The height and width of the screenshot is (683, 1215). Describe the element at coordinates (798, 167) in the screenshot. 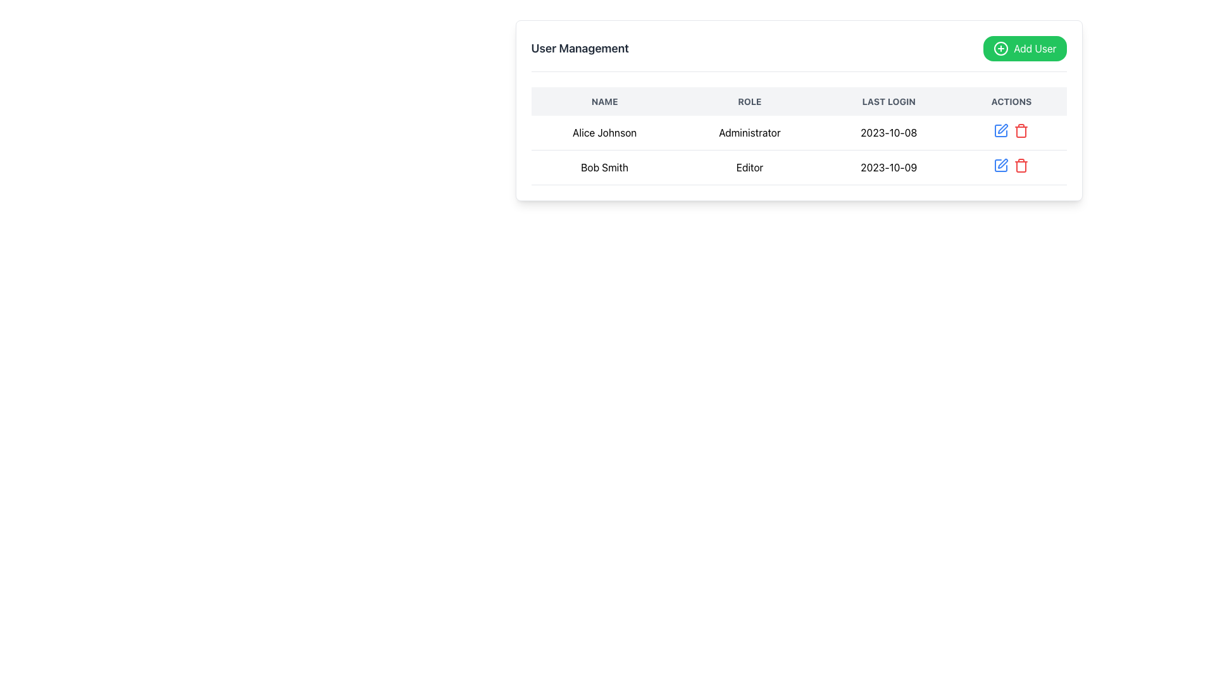

I see `the second row in the user management table that contains the details for 'Bob Smith', which includes the name, role, last login date, and action buttons` at that location.